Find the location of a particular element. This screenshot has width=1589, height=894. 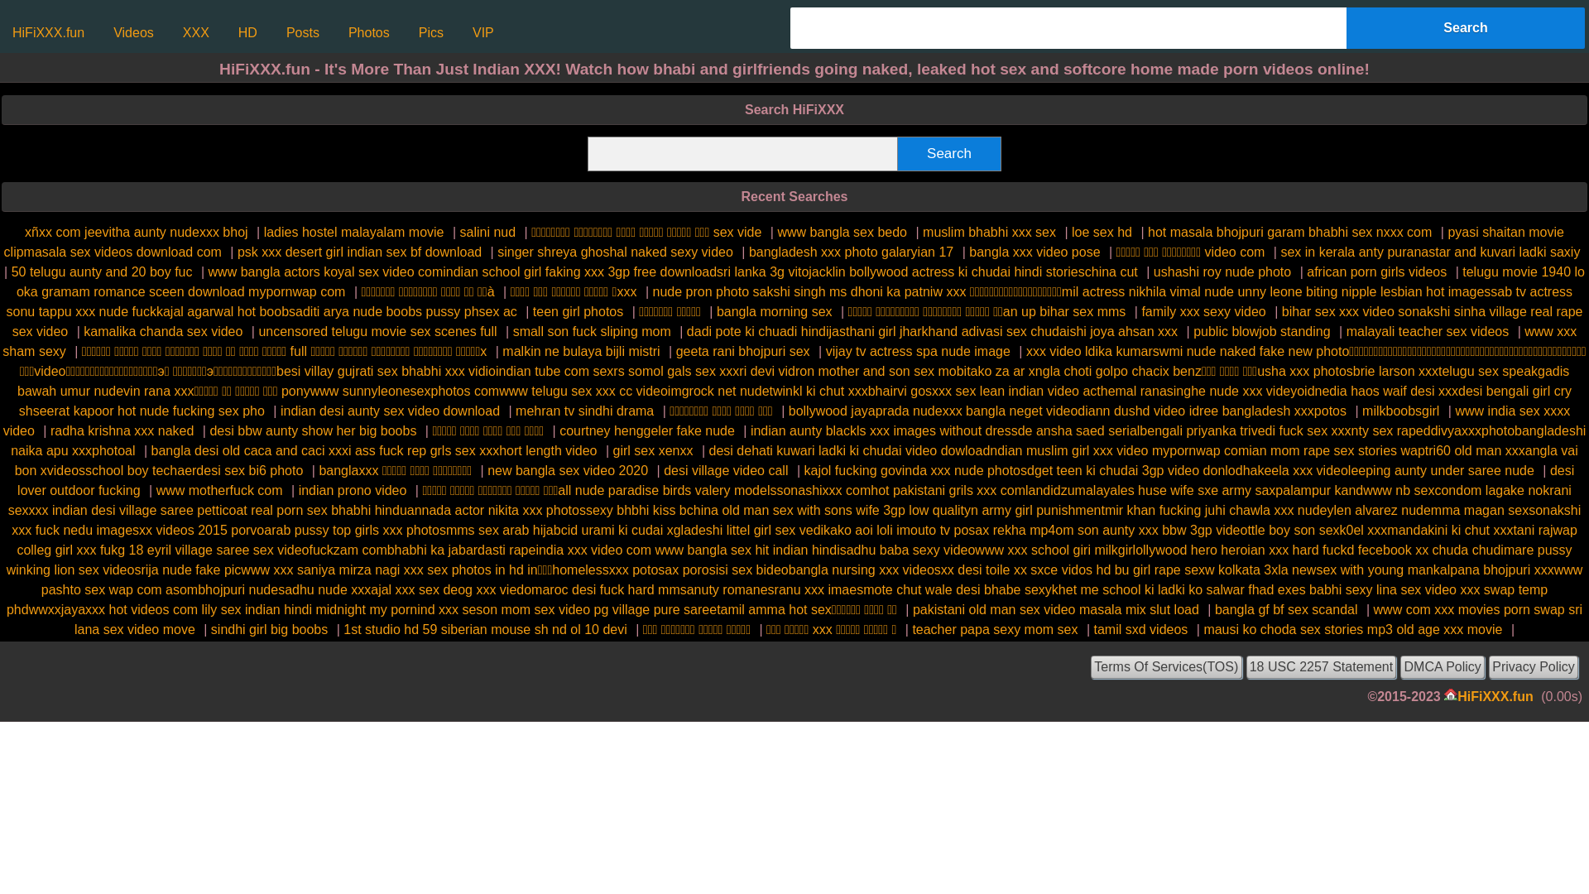

'singer shreya ghoshal naked sexy video' is located at coordinates (614, 252).